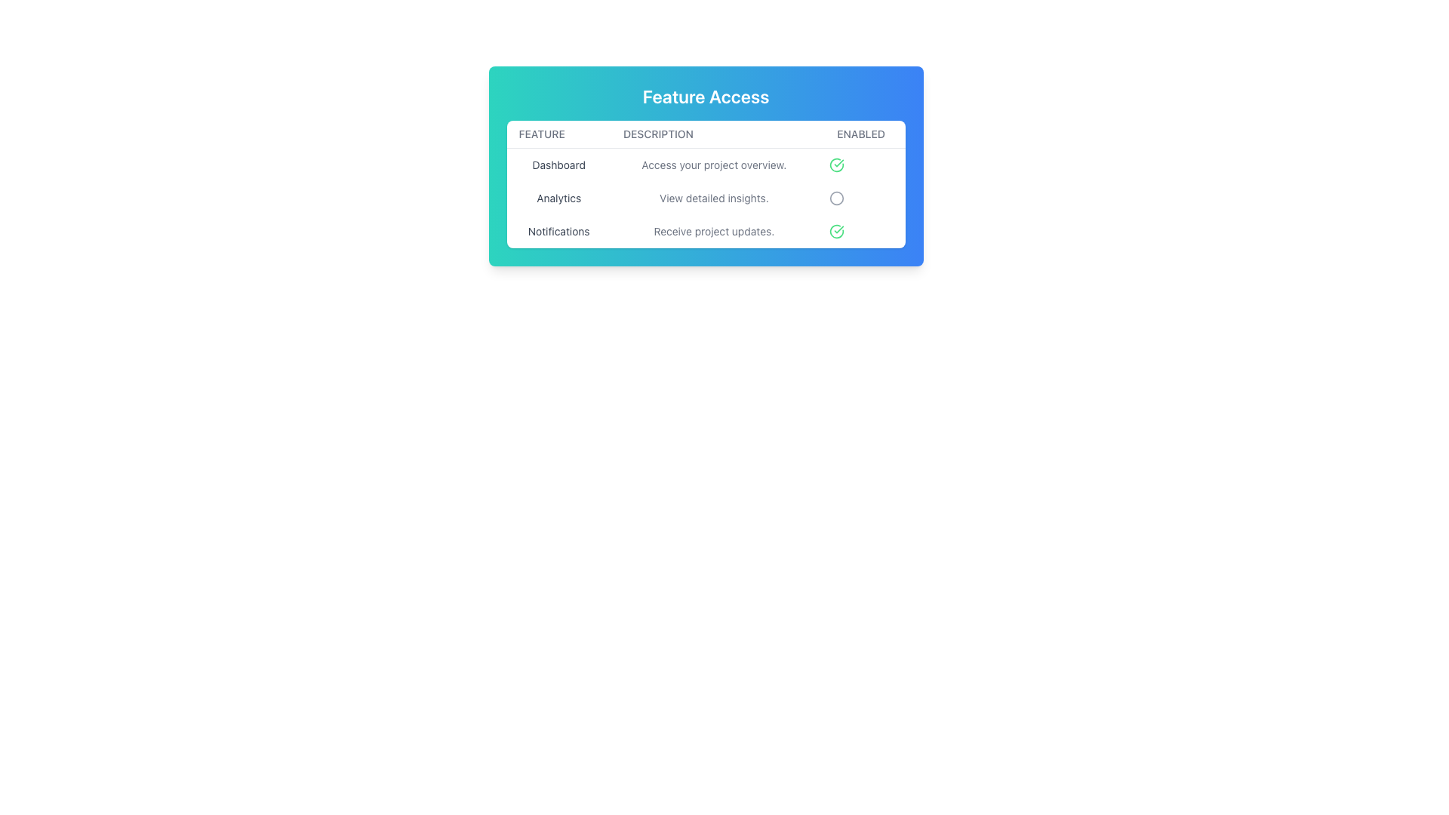  I want to click on the first row of the feature table labeled 'Dashboard', which contains a title, a description, and a green checkmark icon, so click(705, 165).